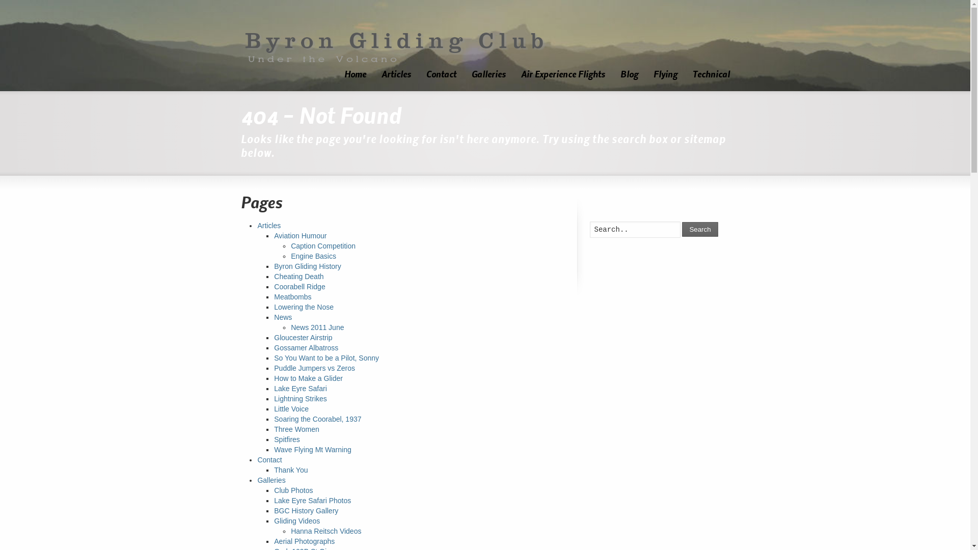  Describe the element at coordinates (312, 449) in the screenshot. I see `'Wave Flying Mt Warning'` at that location.